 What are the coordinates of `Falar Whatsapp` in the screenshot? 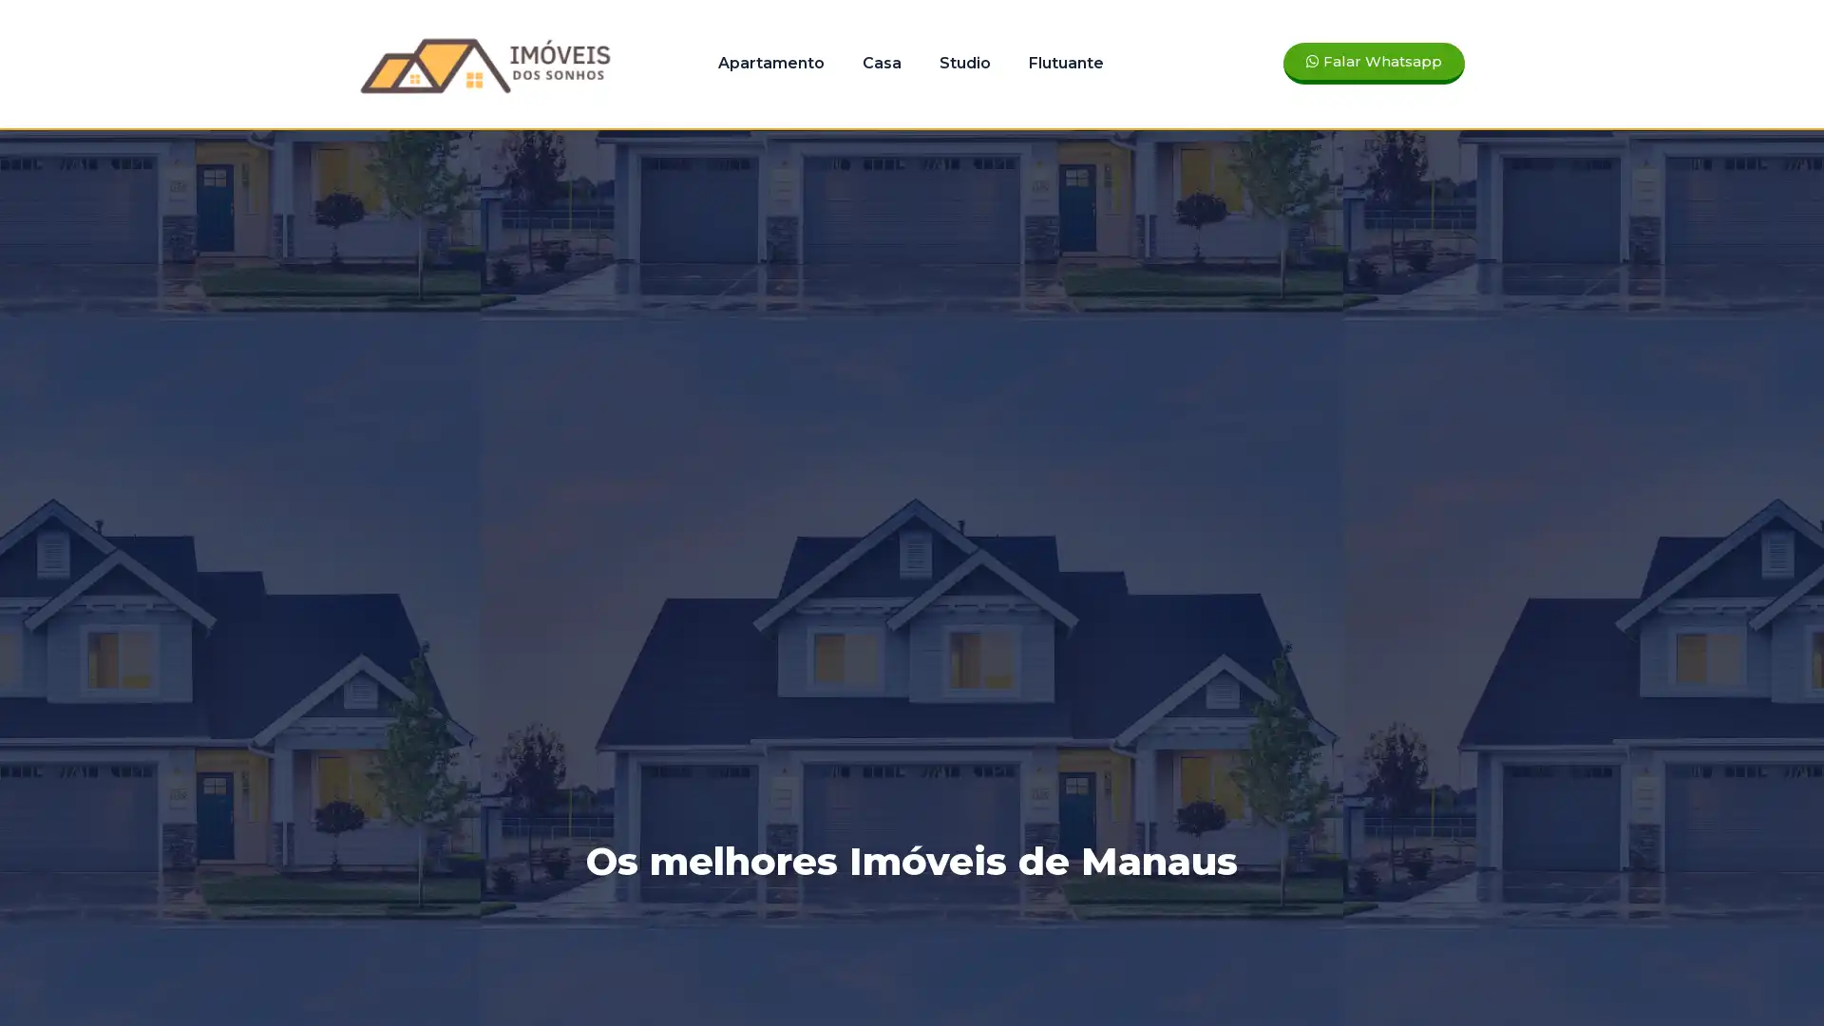 It's located at (1373, 62).